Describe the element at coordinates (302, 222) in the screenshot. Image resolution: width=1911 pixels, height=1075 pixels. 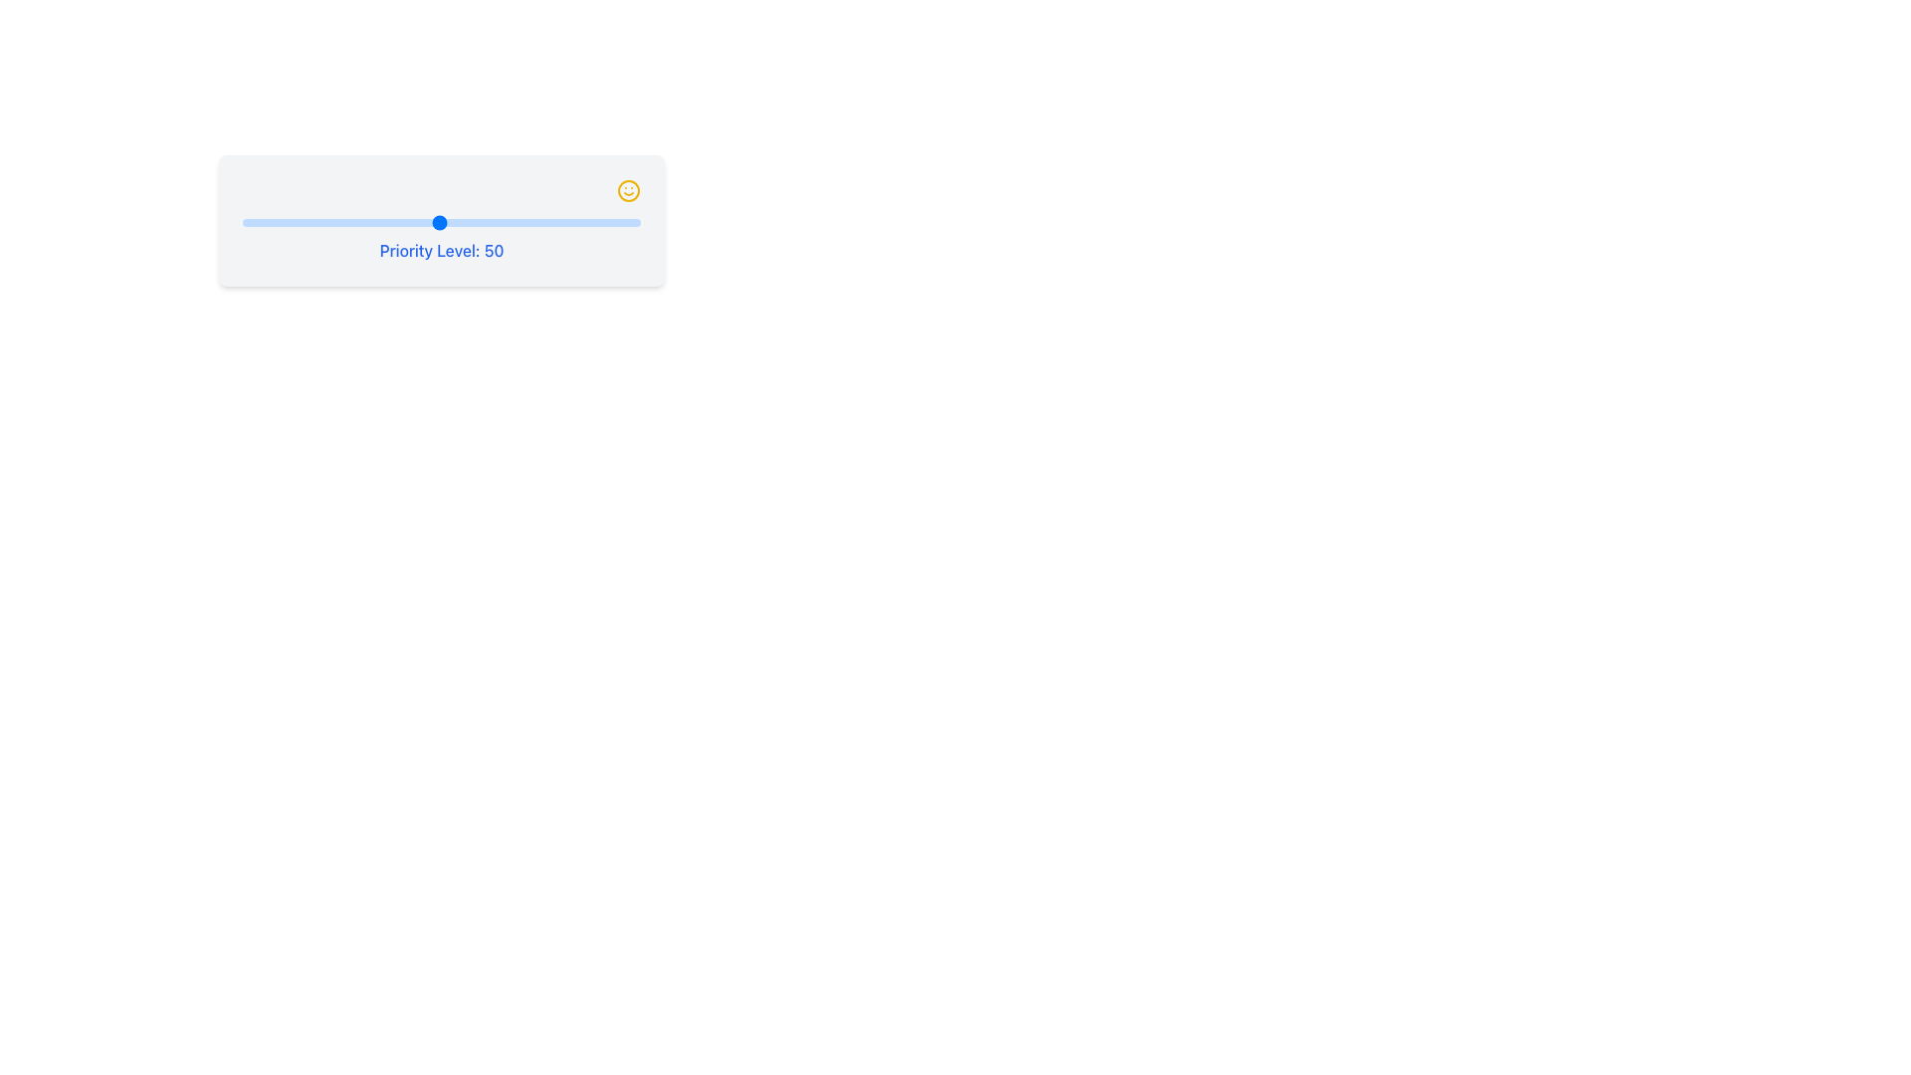
I see `the priority level` at that location.